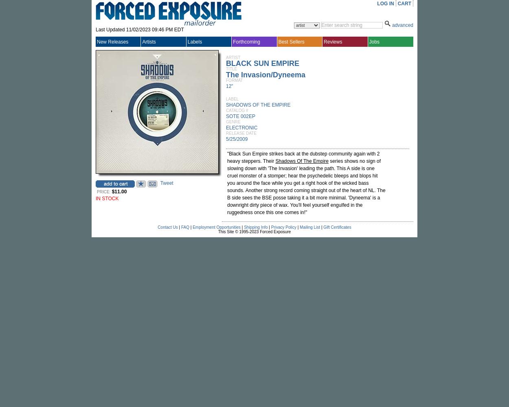 This screenshot has height=407, width=509. What do you see at coordinates (391, 25) in the screenshot?
I see `'advanced'` at bounding box center [391, 25].